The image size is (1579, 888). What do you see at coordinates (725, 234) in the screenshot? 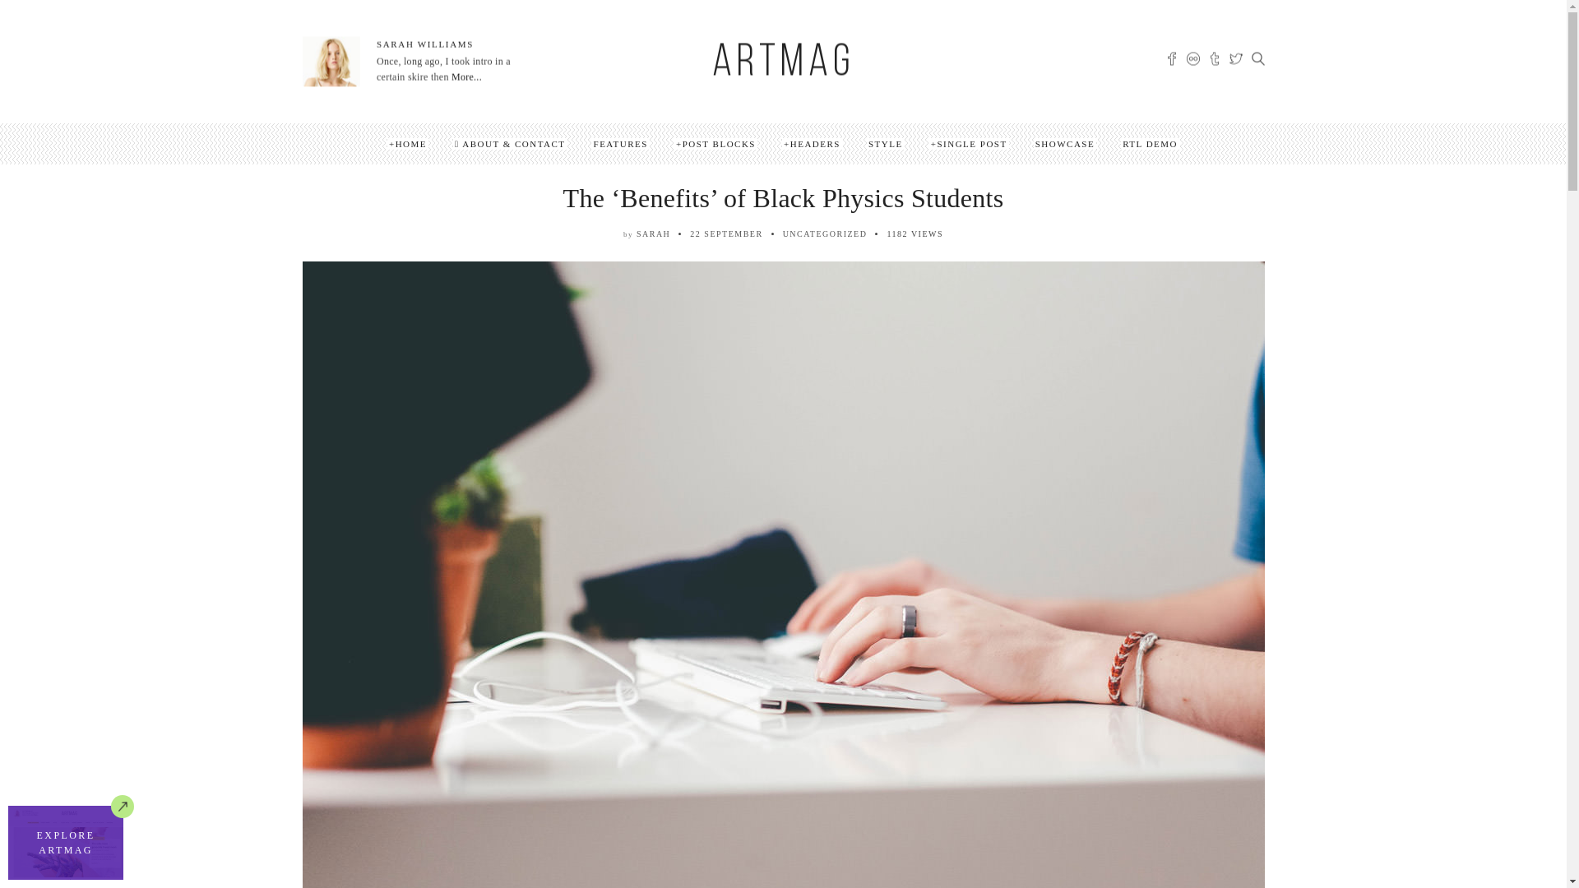
I see `'22 SEPTEMBER'` at bounding box center [725, 234].